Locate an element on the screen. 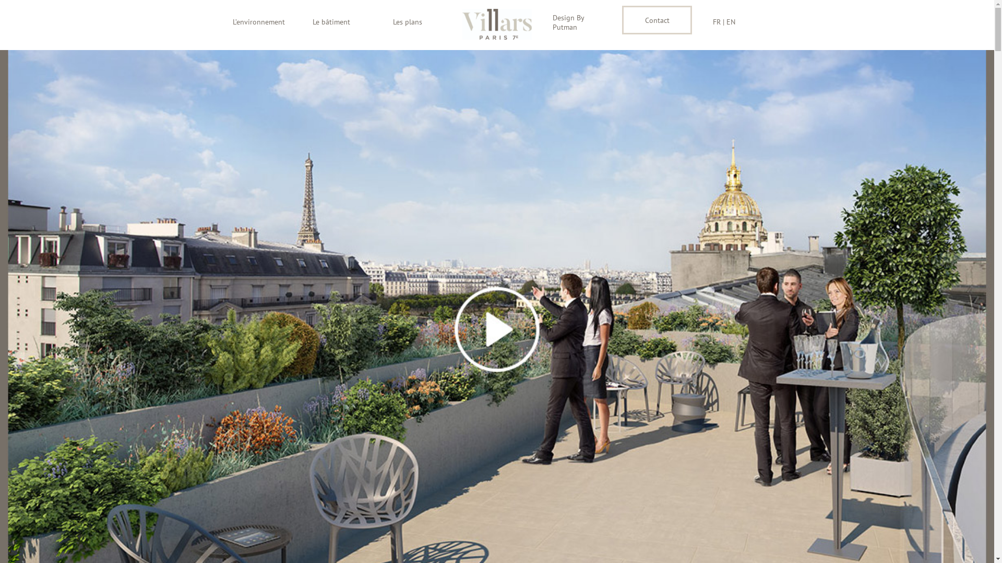  'Les plans' is located at coordinates (416, 22).